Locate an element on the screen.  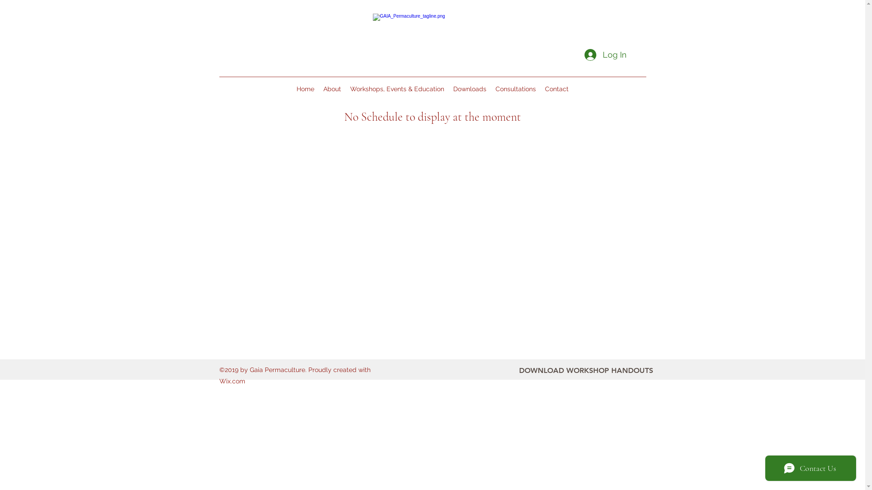
'Log In' is located at coordinates (604, 54).